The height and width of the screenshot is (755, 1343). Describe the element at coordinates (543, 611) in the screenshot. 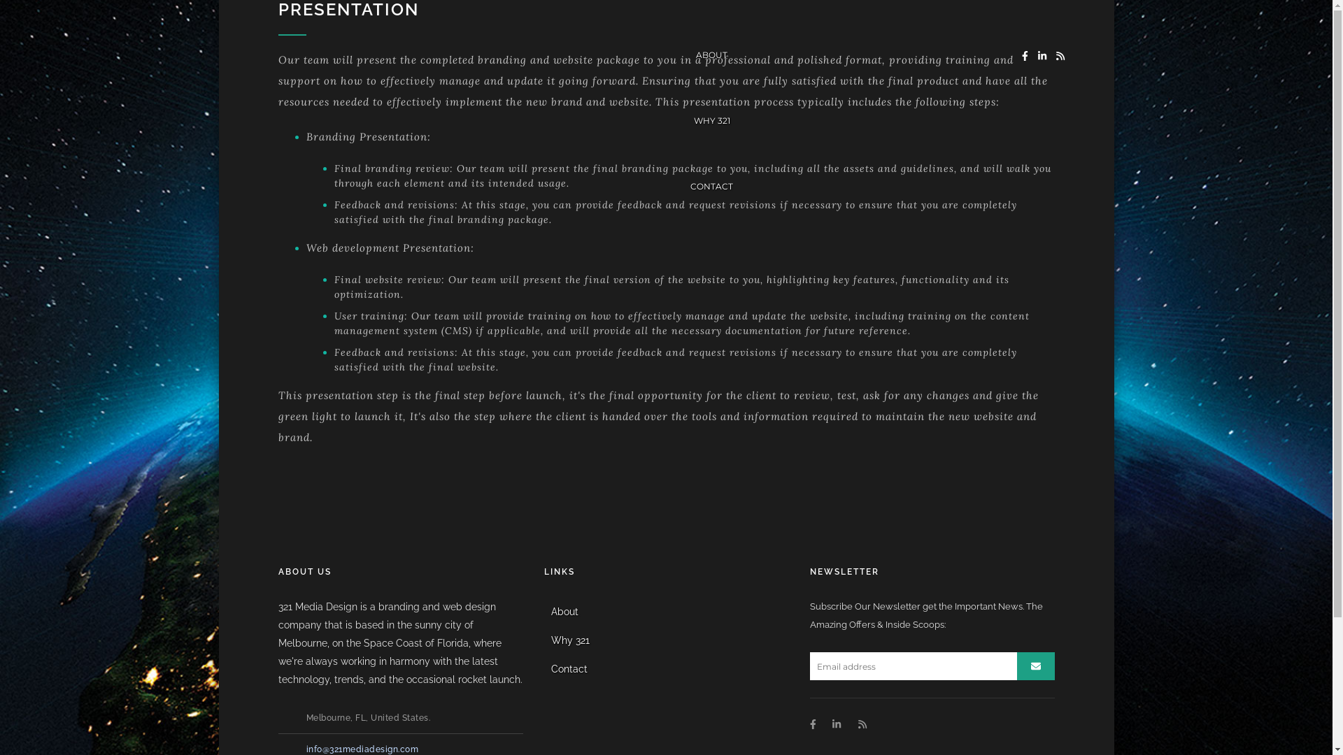

I see `'About'` at that location.